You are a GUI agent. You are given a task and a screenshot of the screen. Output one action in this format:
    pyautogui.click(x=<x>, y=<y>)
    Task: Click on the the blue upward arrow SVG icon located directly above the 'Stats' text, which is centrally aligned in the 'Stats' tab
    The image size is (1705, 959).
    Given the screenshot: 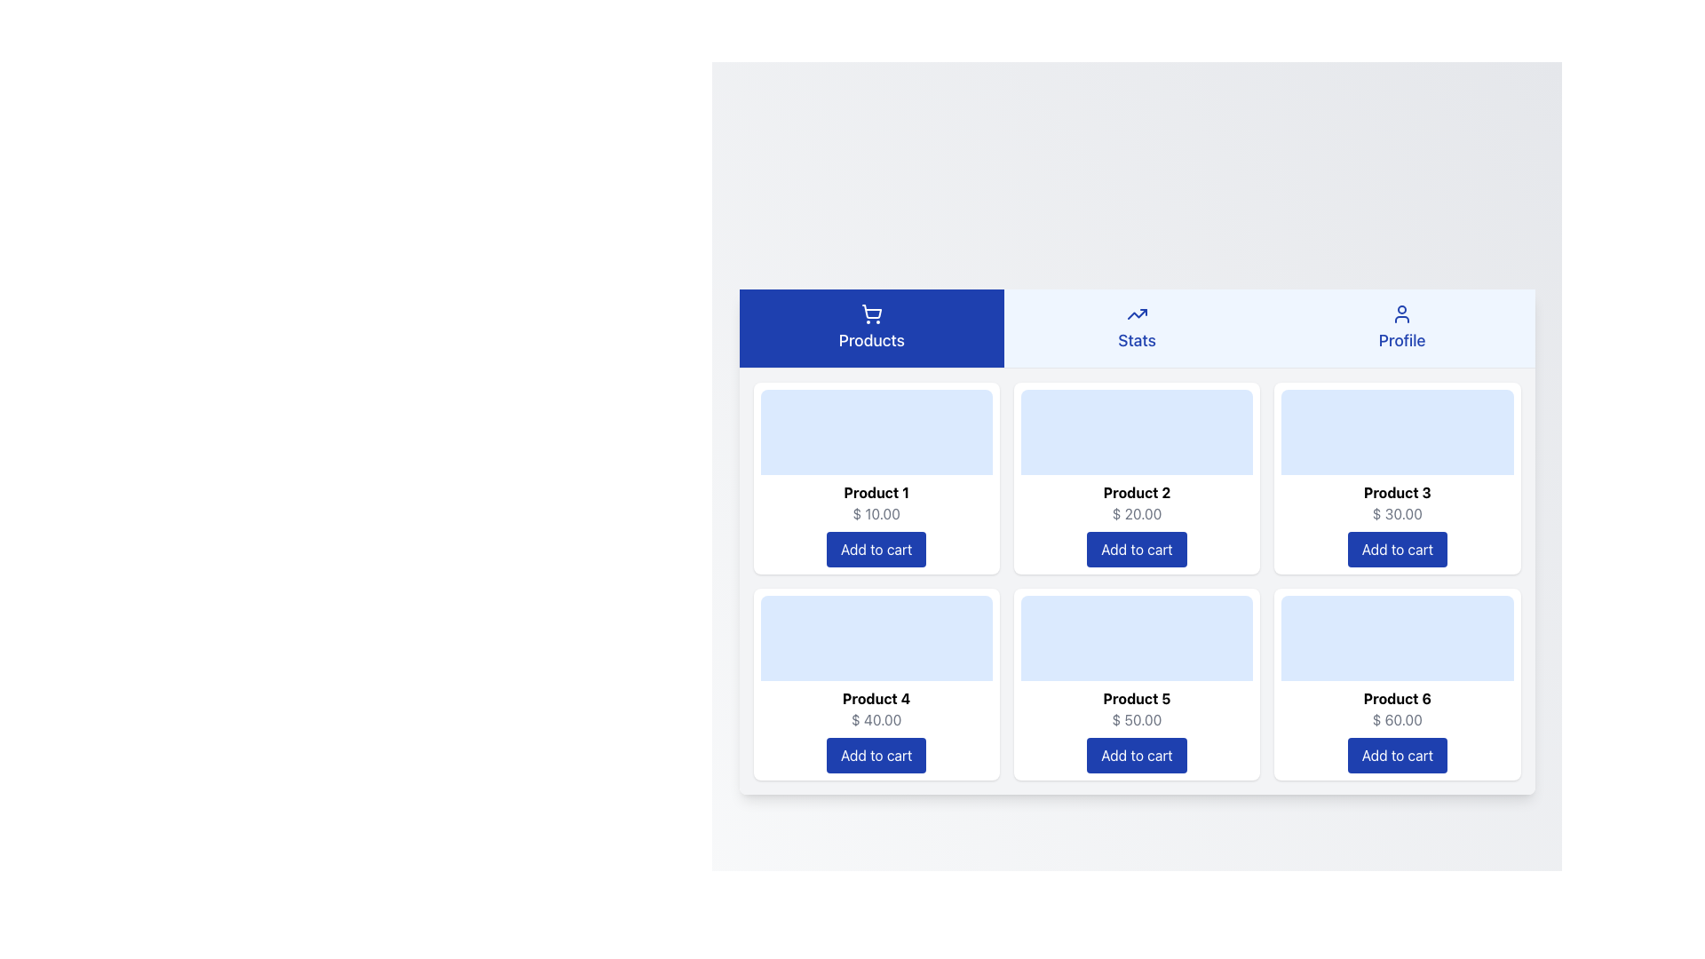 What is the action you would take?
    pyautogui.click(x=1137, y=313)
    